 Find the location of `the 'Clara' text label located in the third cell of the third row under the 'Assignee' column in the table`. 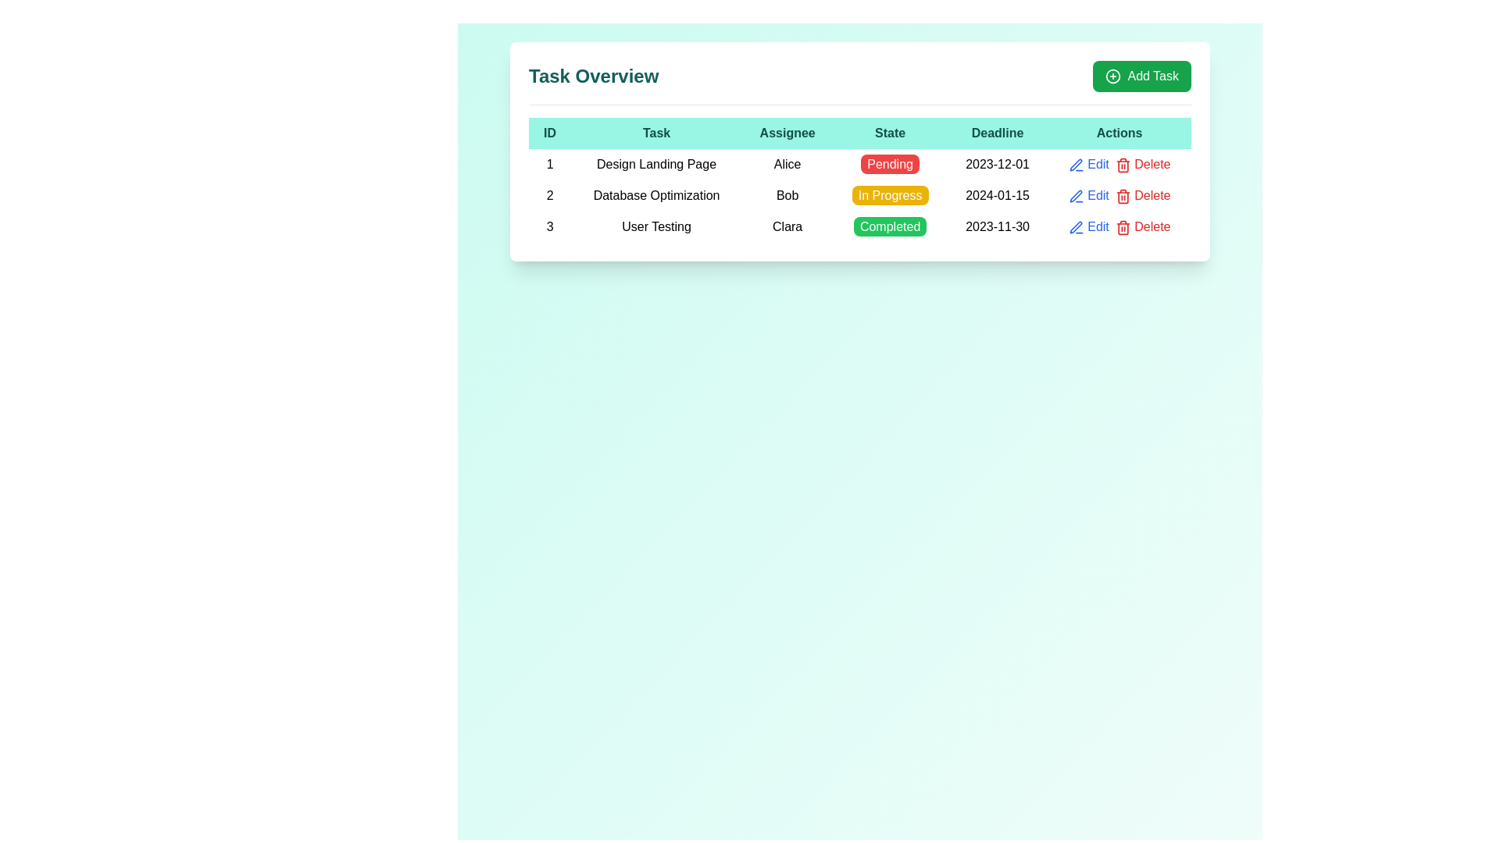

the 'Clara' text label located in the third cell of the third row under the 'Assignee' column in the table is located at coordinates (787, 226).